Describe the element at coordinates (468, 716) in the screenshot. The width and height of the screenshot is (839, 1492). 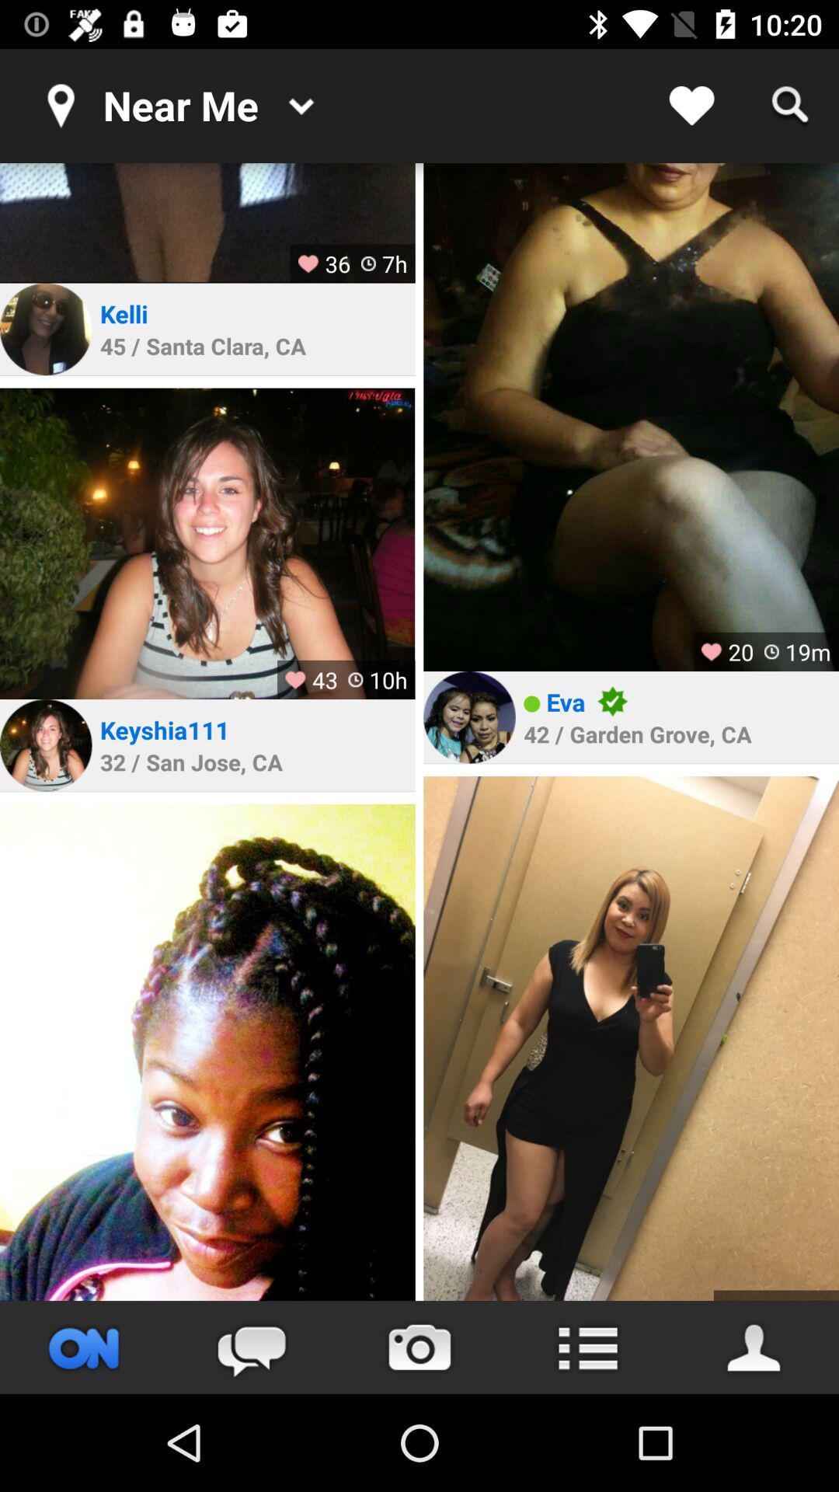
I see `contact 's profile` at that location.